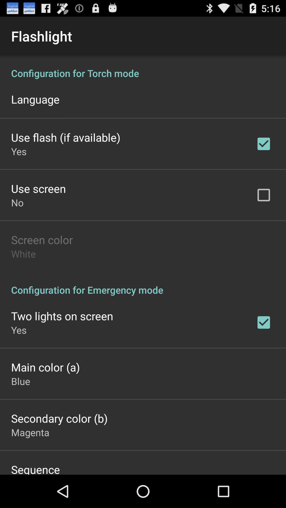 This screenshot has height=508, width=286. I want to click on the sequence icon, so click(35, 468).